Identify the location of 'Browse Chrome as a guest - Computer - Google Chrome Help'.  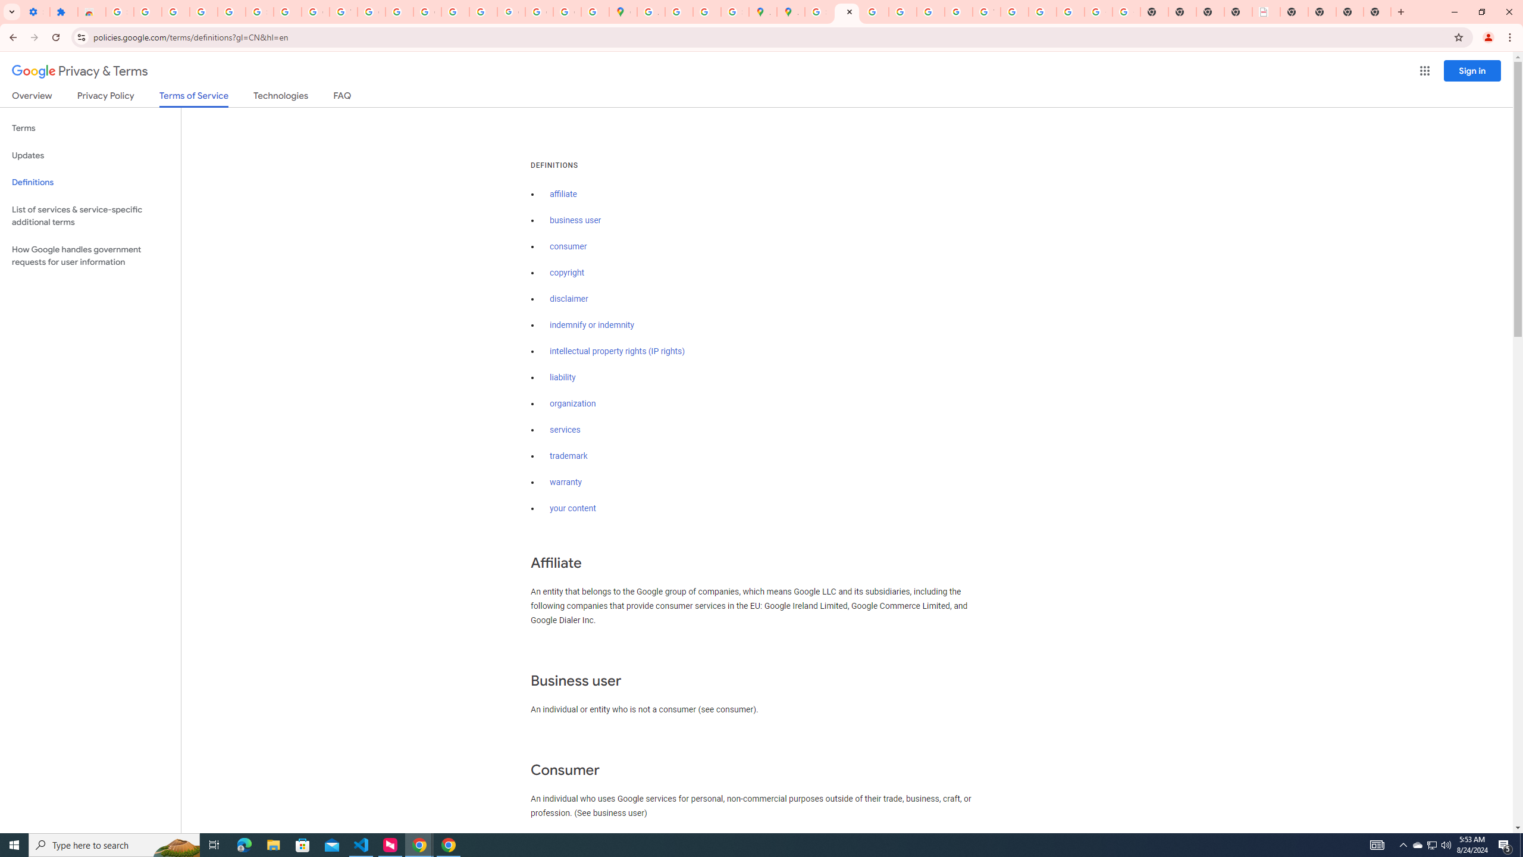
(1014, 11).